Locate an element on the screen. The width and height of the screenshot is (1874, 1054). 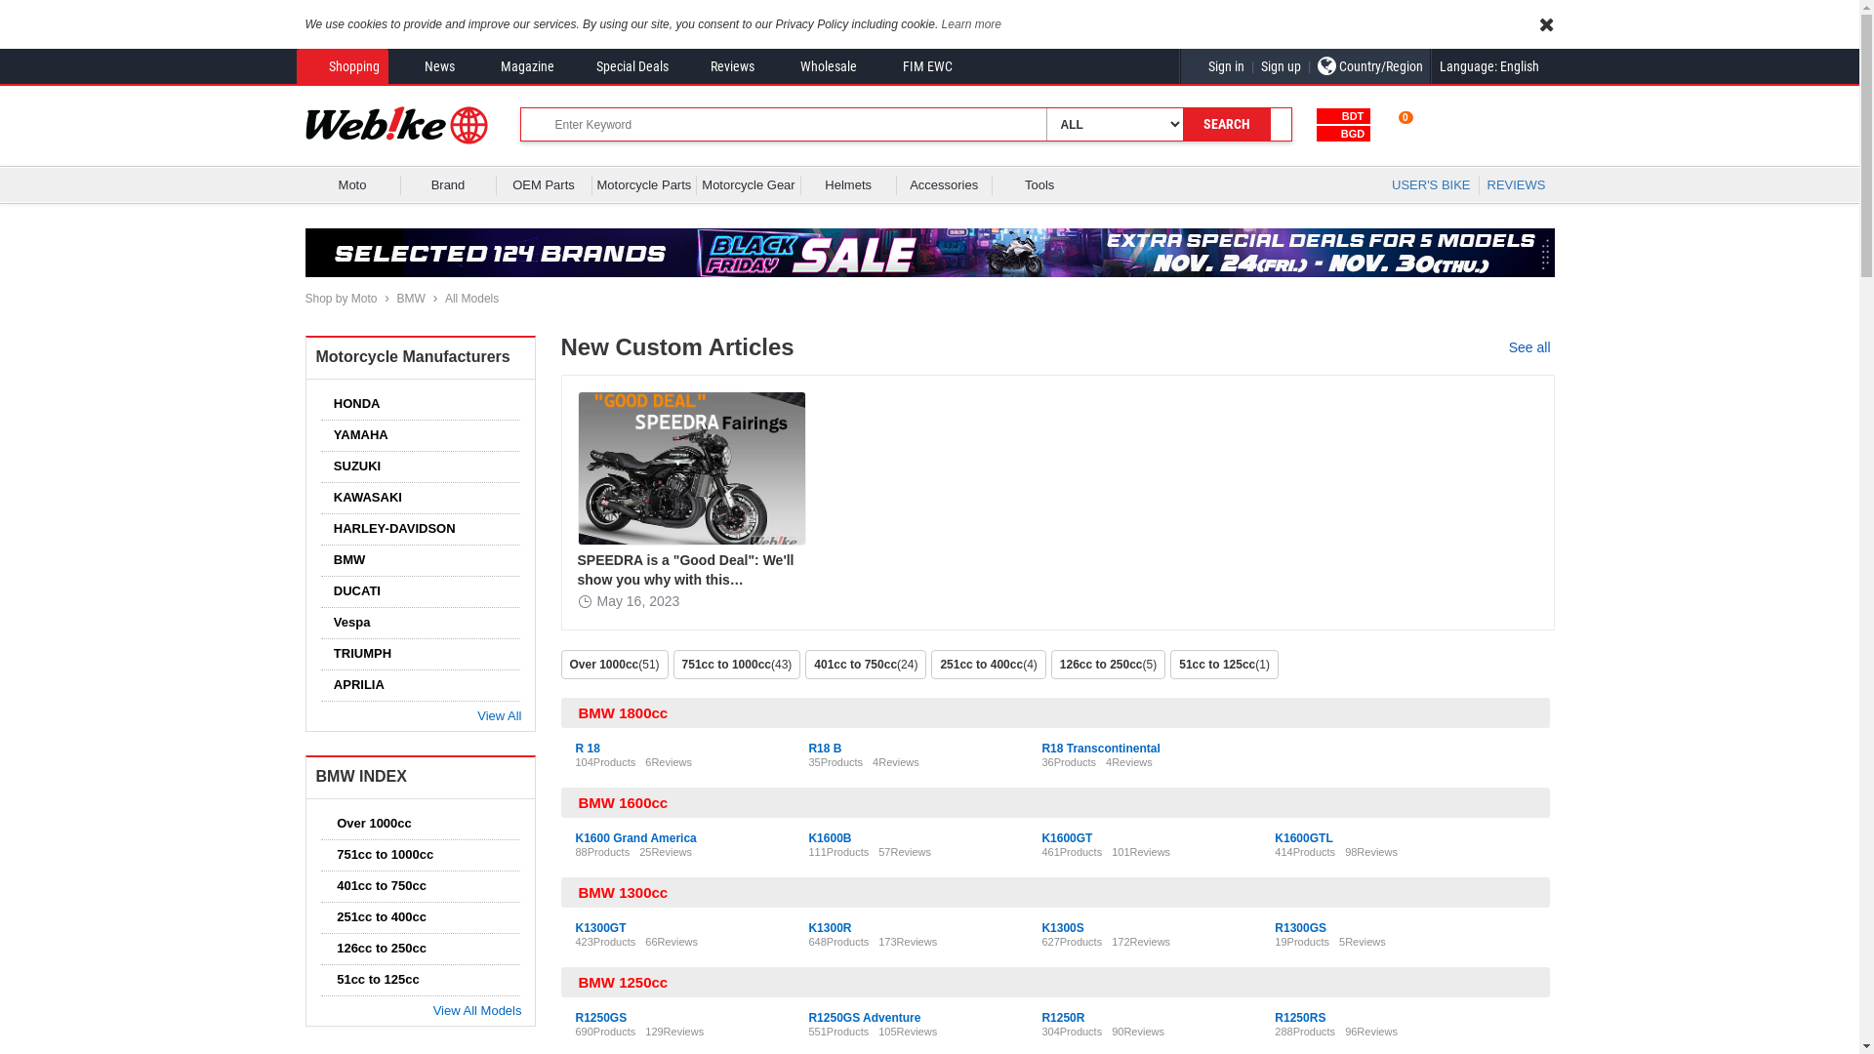
'88Products' is located at coordinates (602, 850).